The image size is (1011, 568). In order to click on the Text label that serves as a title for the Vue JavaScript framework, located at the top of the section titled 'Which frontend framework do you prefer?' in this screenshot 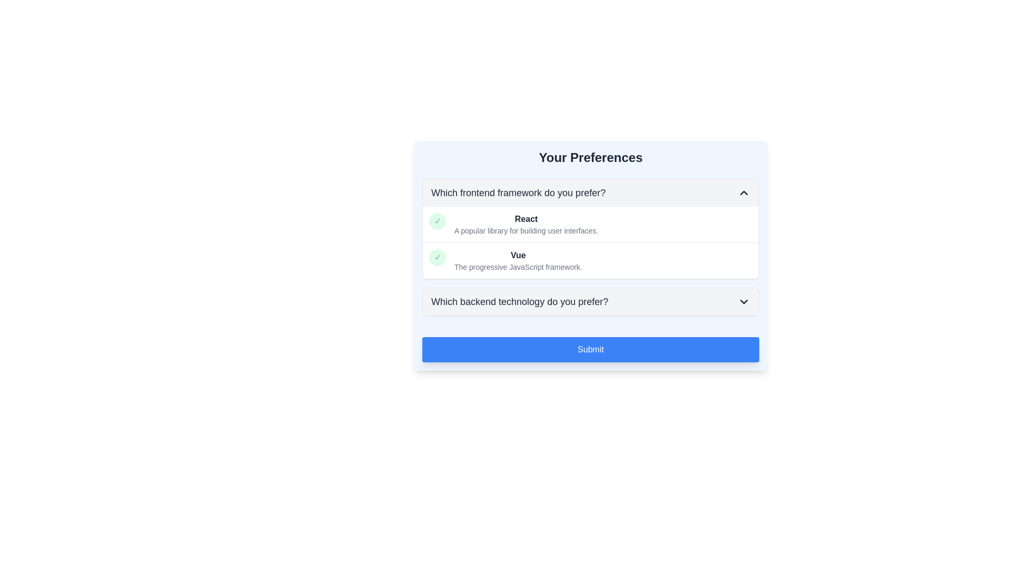, I will do `click(518, 256)`.